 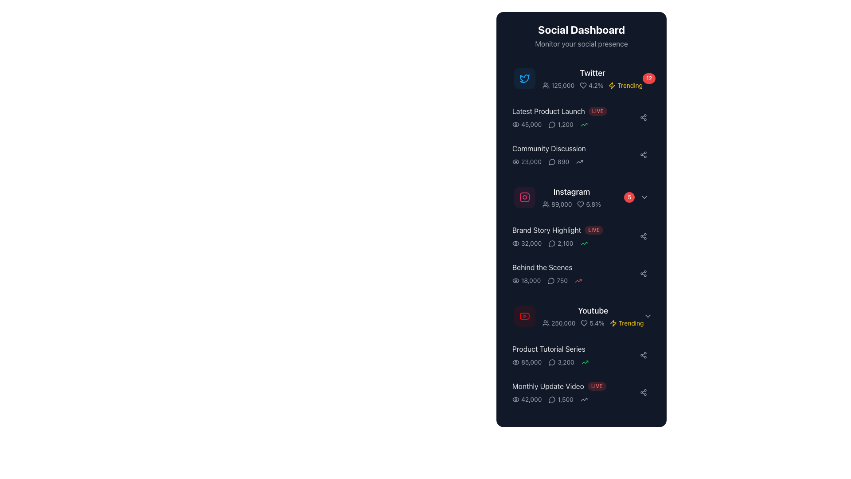 I want to click on the 'LIVE' status label, which is a small, pill-shaped label with light red text on a semi-transparent red background, located next to the 'Monthly Update Video' text, so click(x=597, y=386).